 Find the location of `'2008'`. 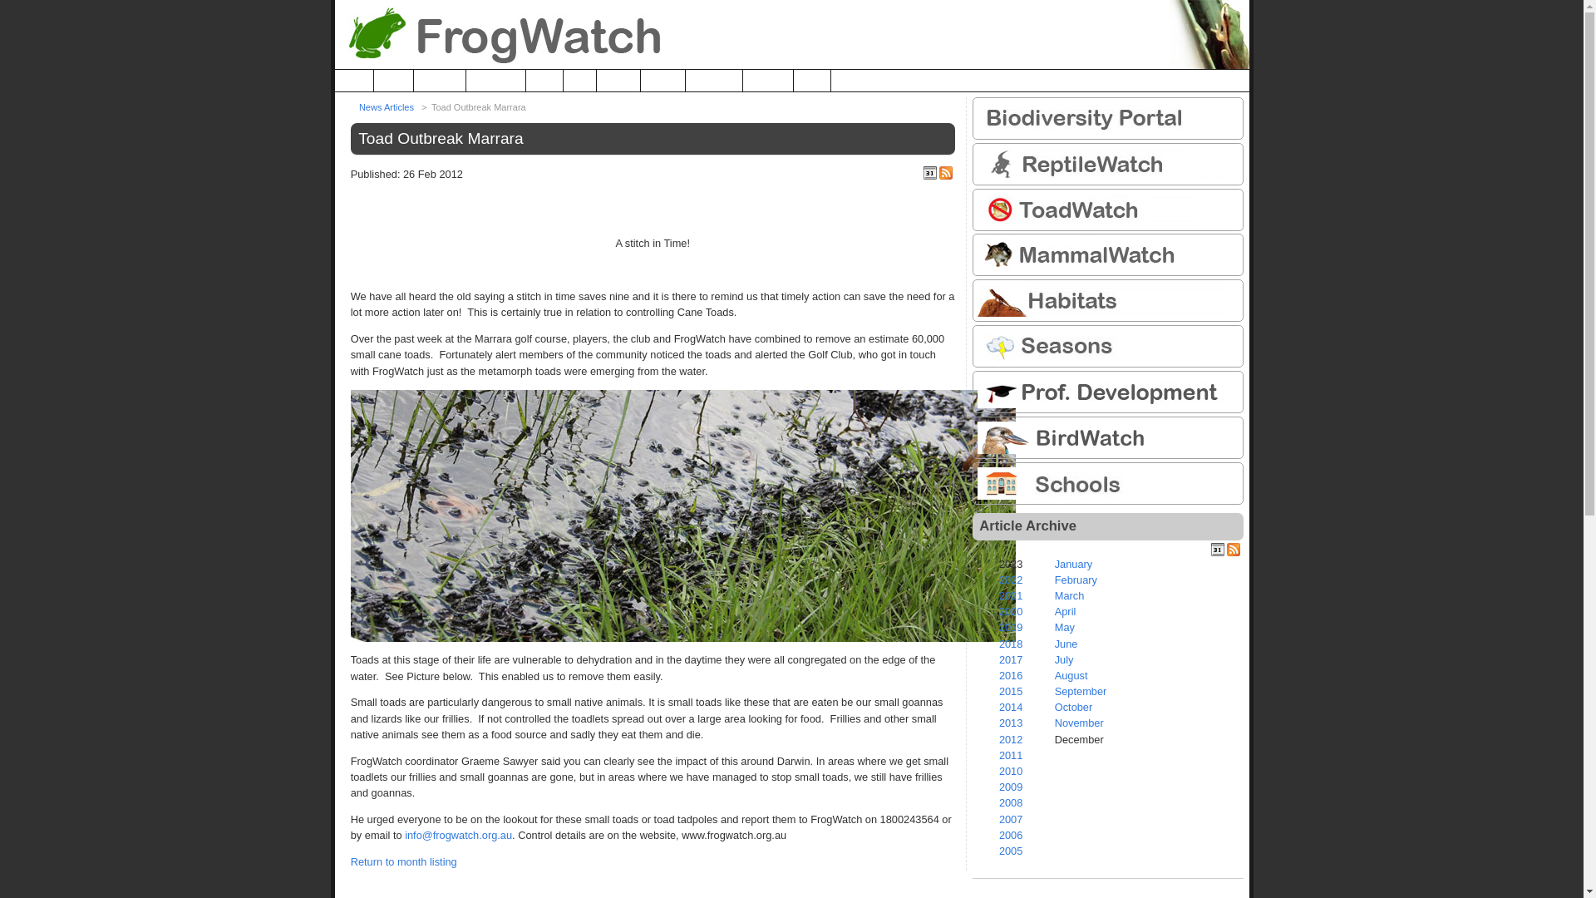

'2008' is located at coordinates (1009, 802).